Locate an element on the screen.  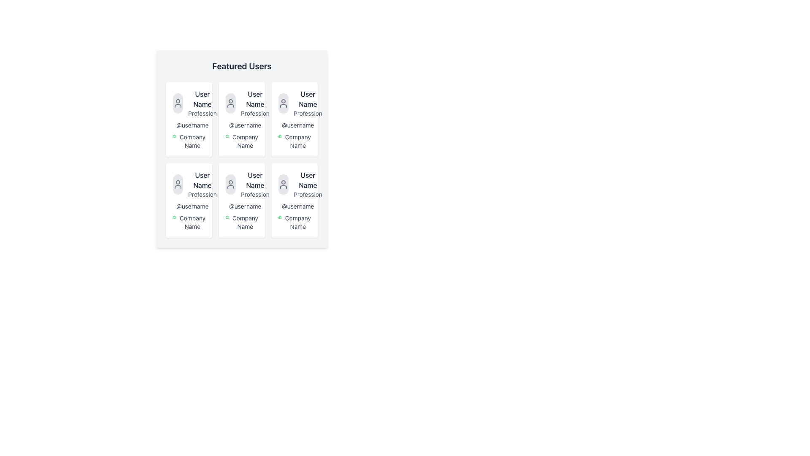
the Information Display Block that shows the user's profile information, including name and profession, located in the second row, first column of the user cards grid is located at coordinates (189, 184).